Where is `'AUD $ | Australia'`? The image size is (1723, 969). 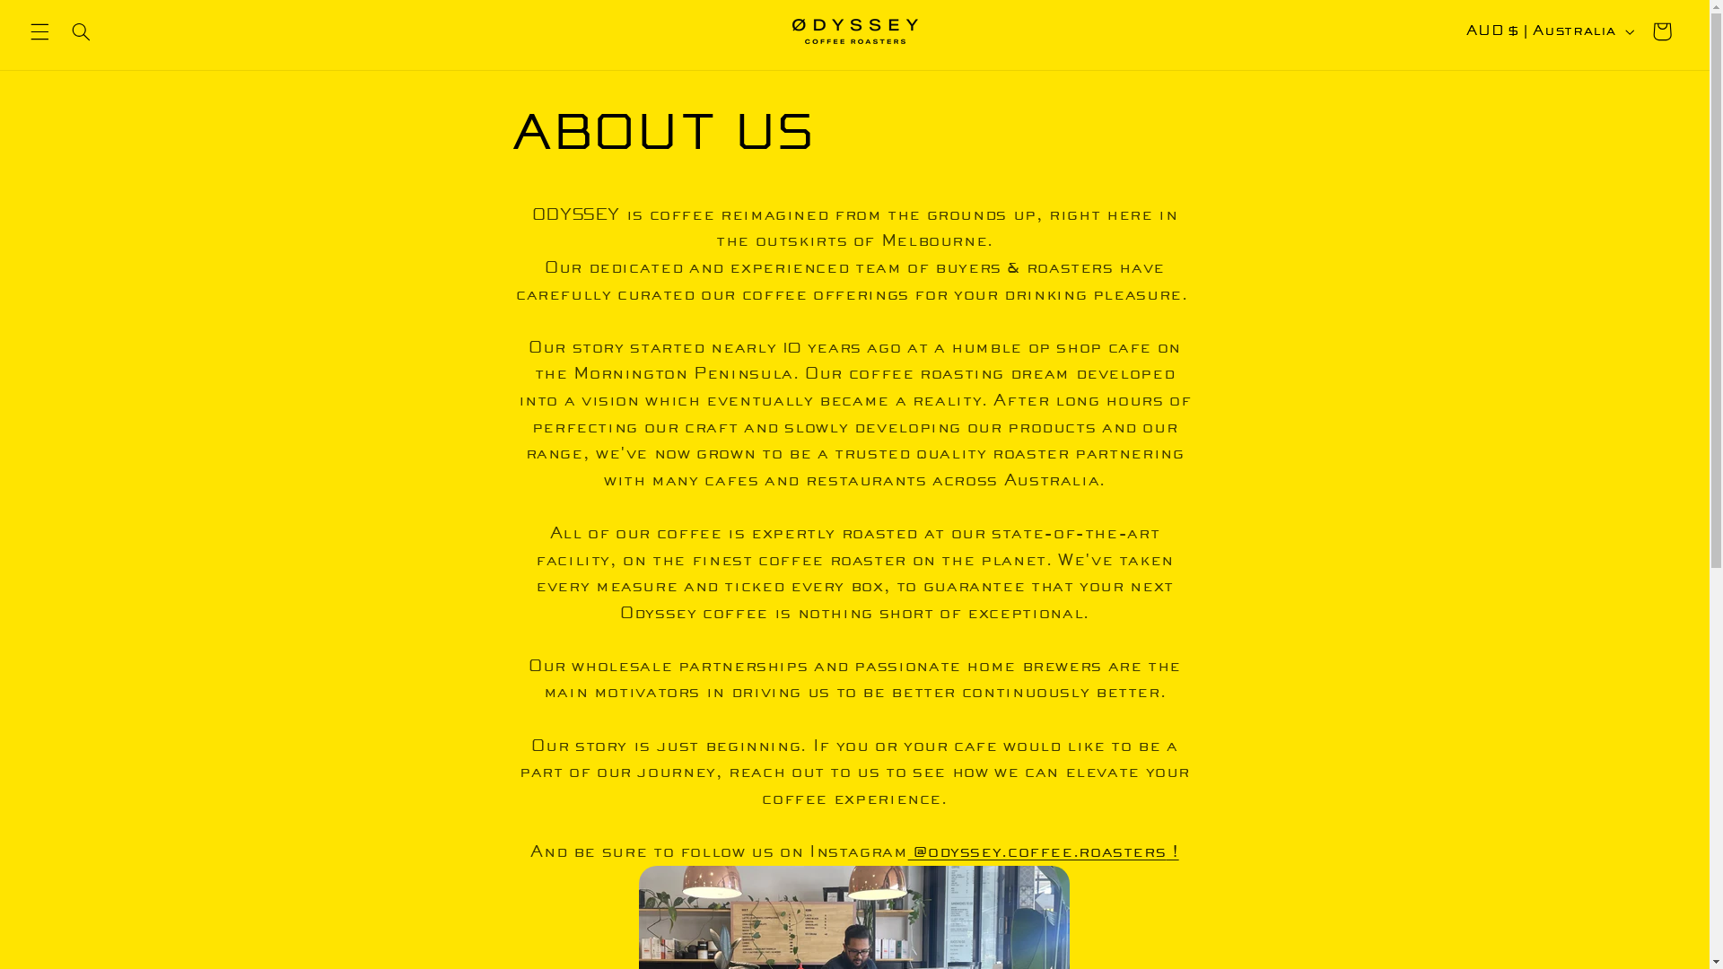
'AUD $ | Australia' is located at coordinates (1456, 31).